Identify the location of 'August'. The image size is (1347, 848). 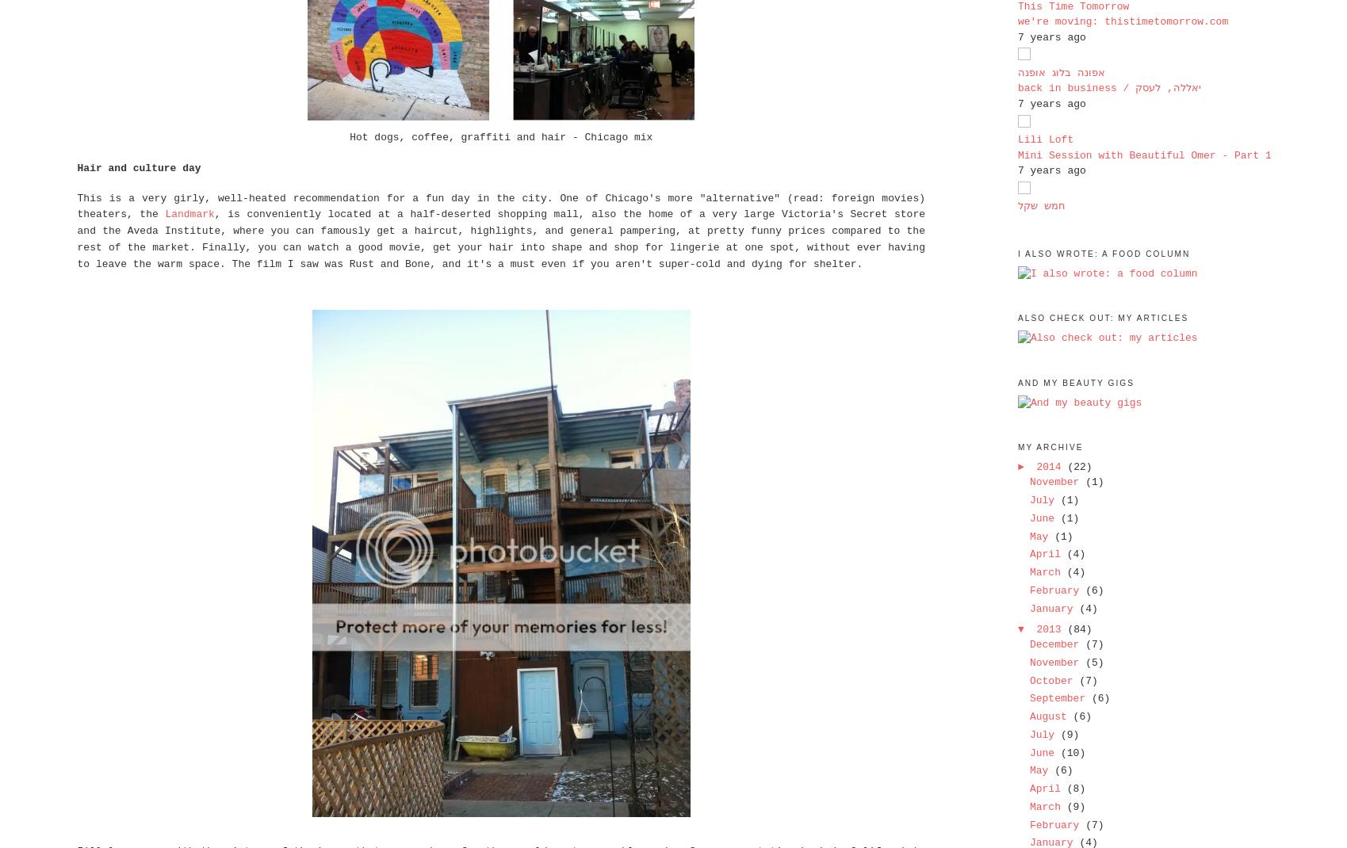
(1050, 716).